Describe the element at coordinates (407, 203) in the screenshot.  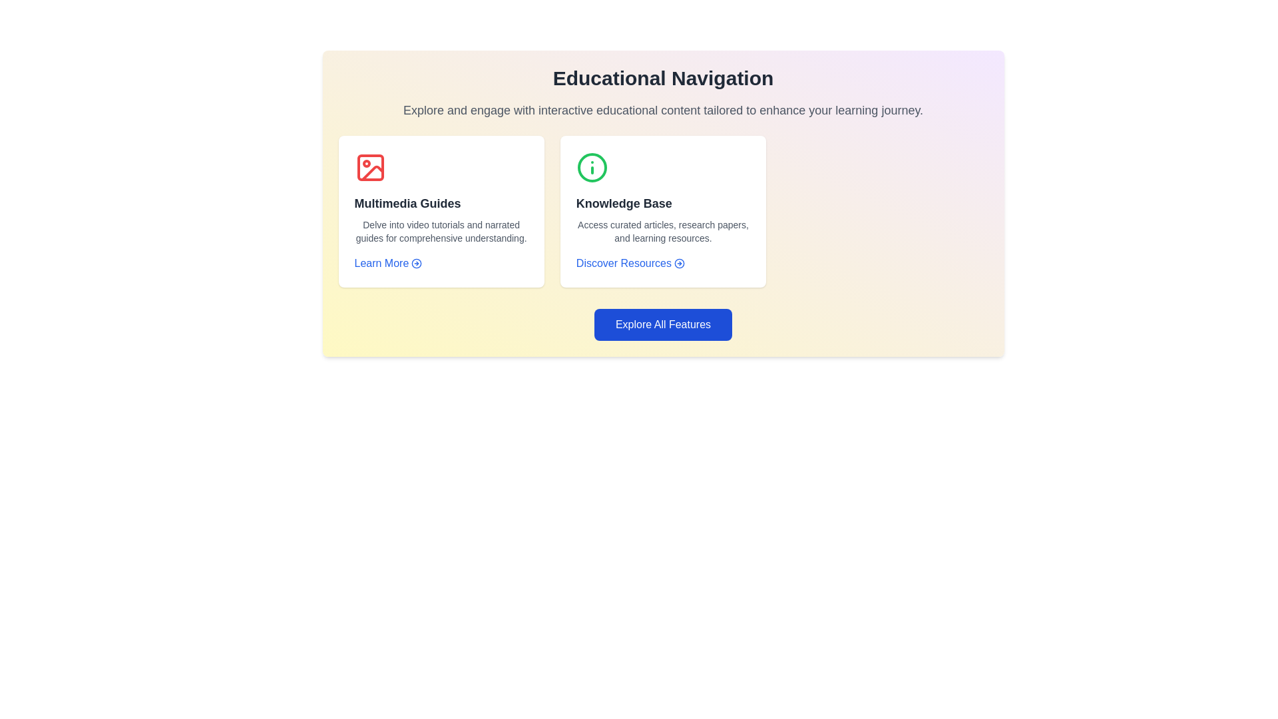
I see `the title label of the multimedia guides card, which is located in the left half of a dual-card layout, positioned below an icon and above descriptive text` at that location.